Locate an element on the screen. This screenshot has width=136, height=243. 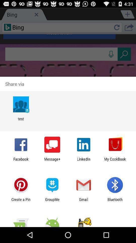
message+ item is located at coordinates (52, 161).